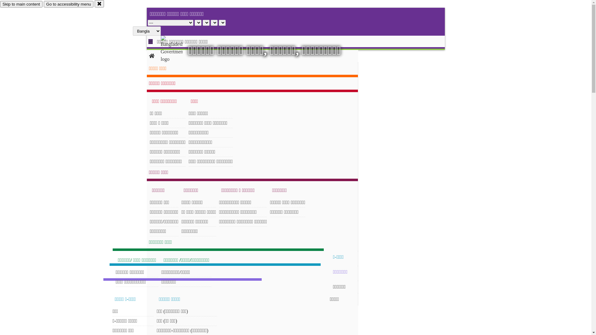 The width and height of the screenshot is (596, 335). Describe the element at coordinates (21, 4) in the screenshot. I see `'Skip to main content'` at that location.